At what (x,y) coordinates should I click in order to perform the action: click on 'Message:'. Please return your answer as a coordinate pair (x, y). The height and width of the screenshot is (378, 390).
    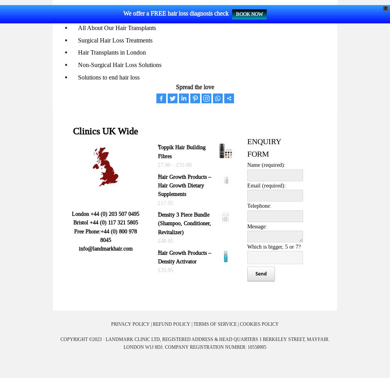
    Looking at the image, I should click on (257, 225).